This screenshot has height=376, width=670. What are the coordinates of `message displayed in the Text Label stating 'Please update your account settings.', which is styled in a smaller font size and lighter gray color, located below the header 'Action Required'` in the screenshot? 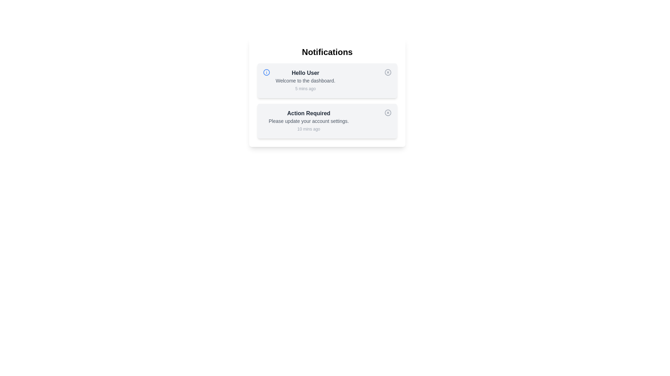 It's located at (308, 120).